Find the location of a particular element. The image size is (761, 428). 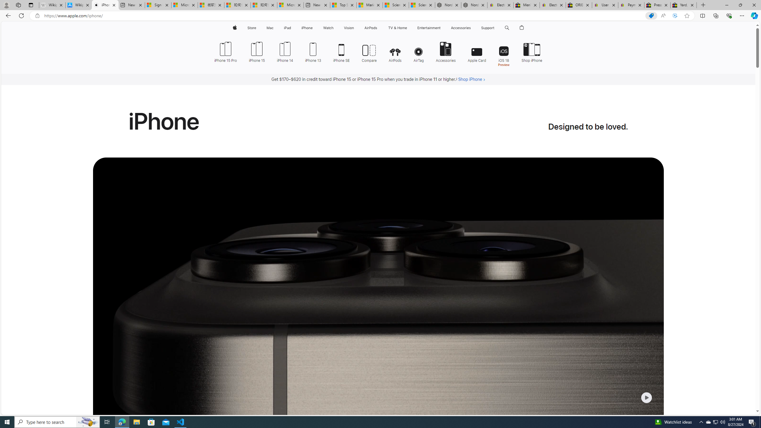

'Apple' is located at coordinates (234, 28).